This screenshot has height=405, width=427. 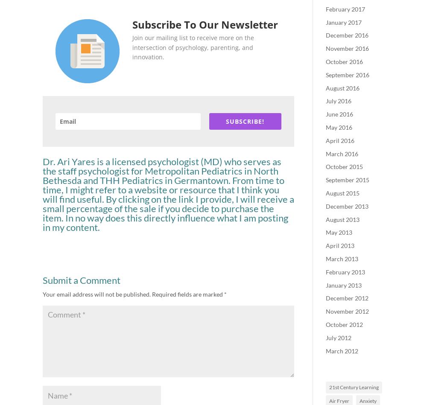 What do you see at coordinates (96, 294) in the screenshot?
I see `'Your email address will not be published.'` at bounding box center [96, 294].